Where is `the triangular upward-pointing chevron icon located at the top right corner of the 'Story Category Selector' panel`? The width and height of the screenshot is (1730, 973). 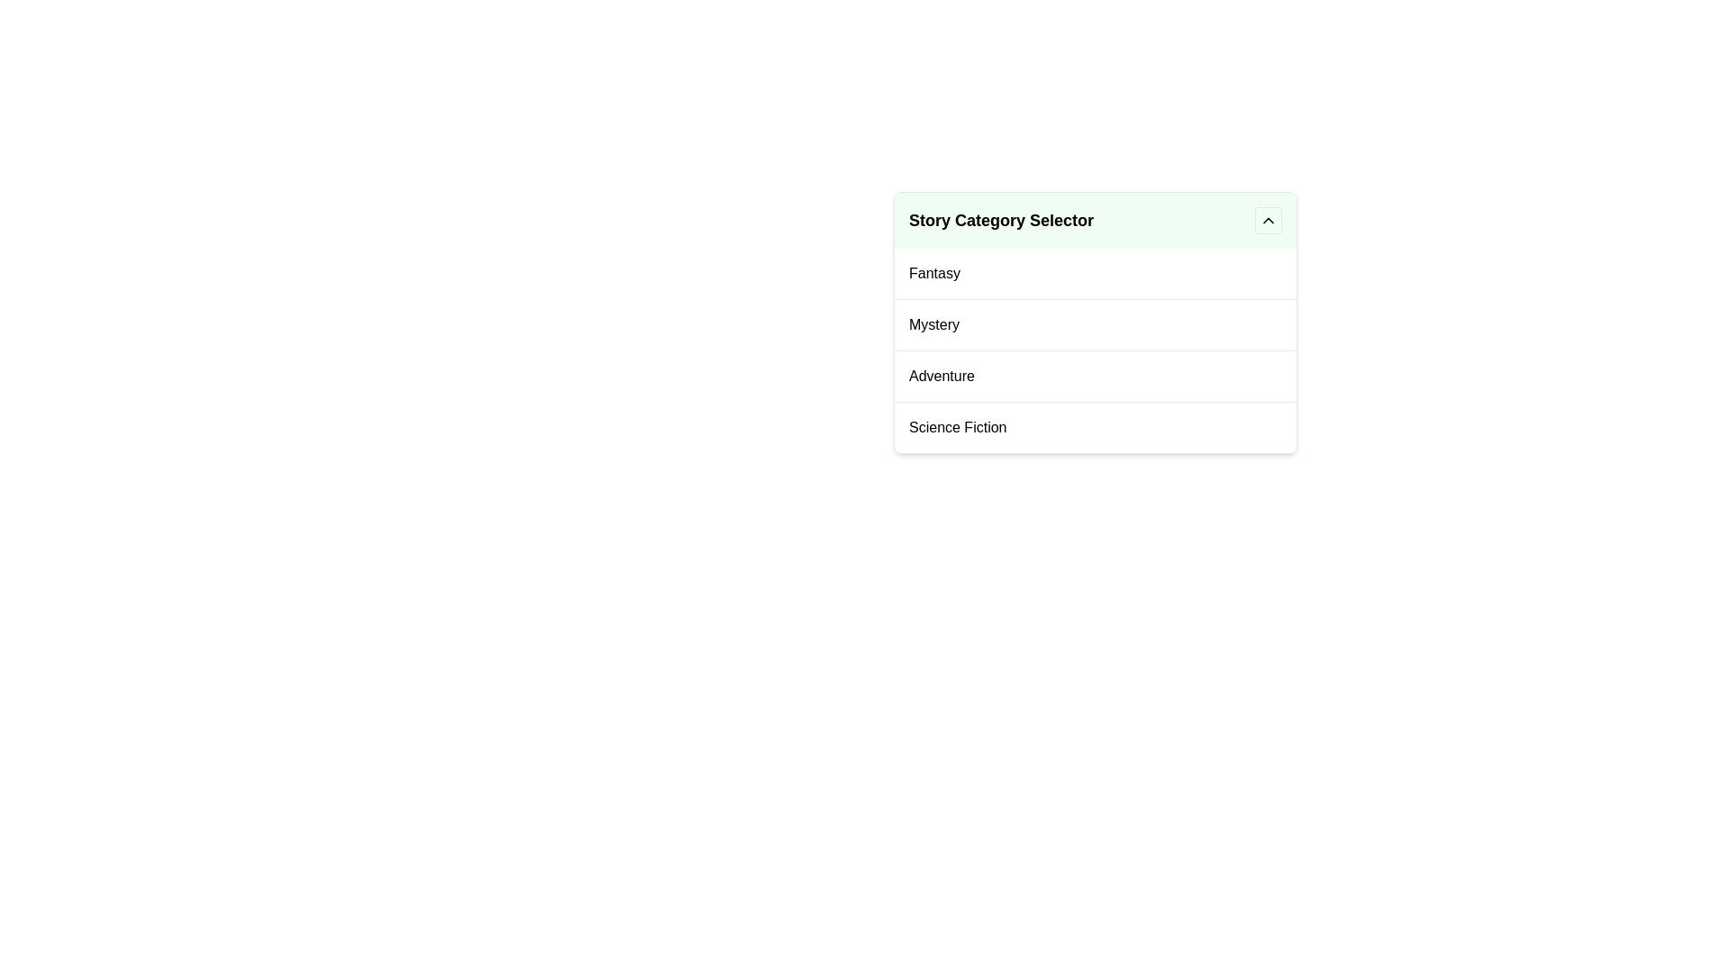 the triangular upward-pointing chevron icon located at the top right corner of the 'Story Category Selector' panel is located at coordinates (1267, 220).